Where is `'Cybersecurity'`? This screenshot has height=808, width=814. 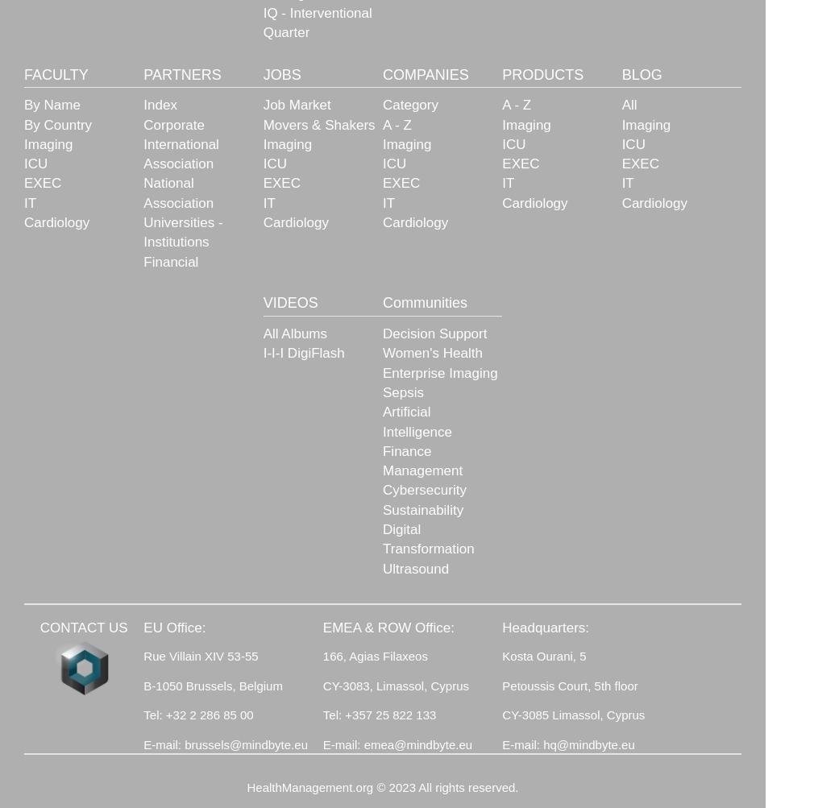 'Cybersecurity' is located at coordinates (381, 490).